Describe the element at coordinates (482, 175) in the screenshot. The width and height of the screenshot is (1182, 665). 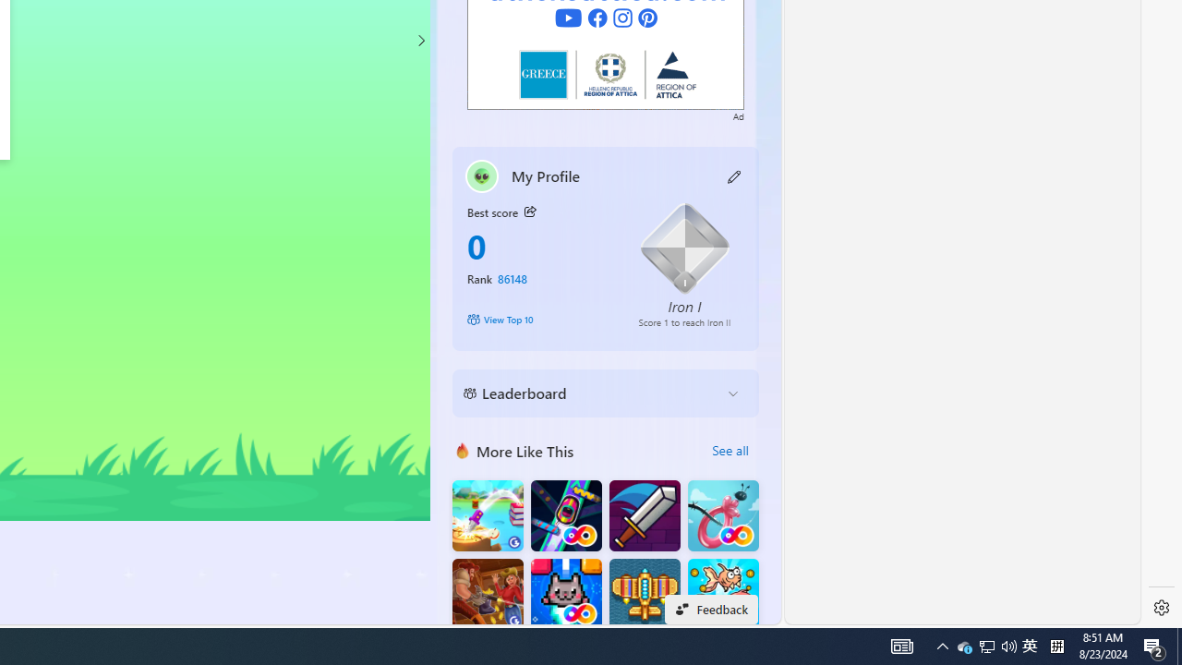
I see `'""'` at that location.